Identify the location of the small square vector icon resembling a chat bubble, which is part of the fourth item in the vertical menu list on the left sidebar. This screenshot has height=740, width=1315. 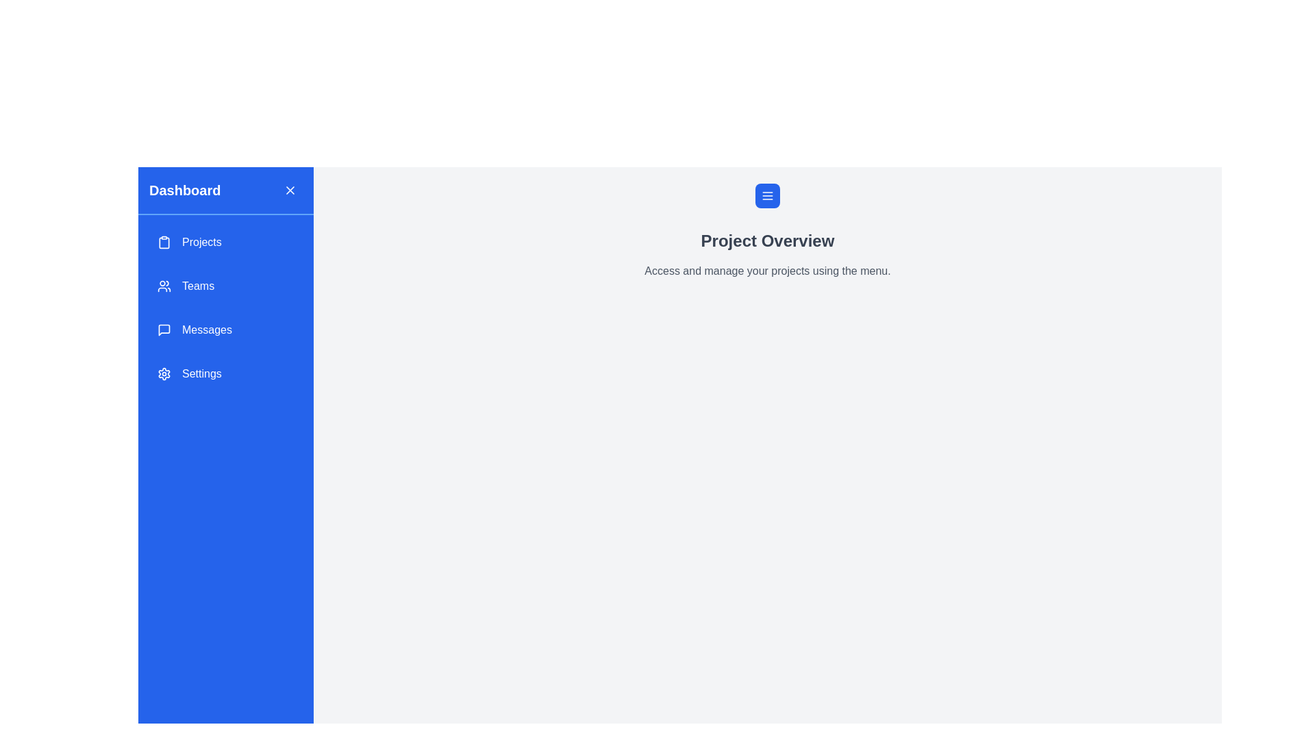
(164, 330).